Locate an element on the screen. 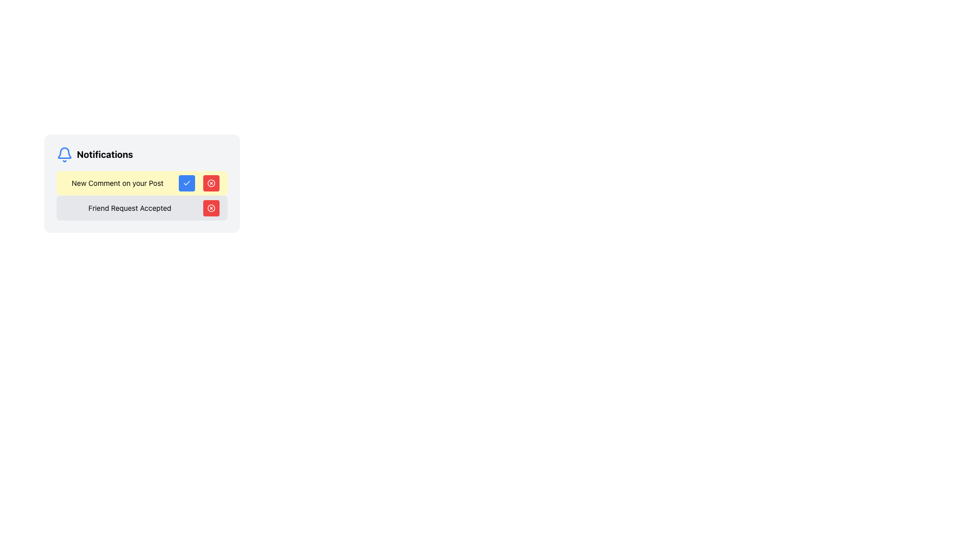  the second button on the 'New Comment on your Post' notification is located at coordinates (210, 182).